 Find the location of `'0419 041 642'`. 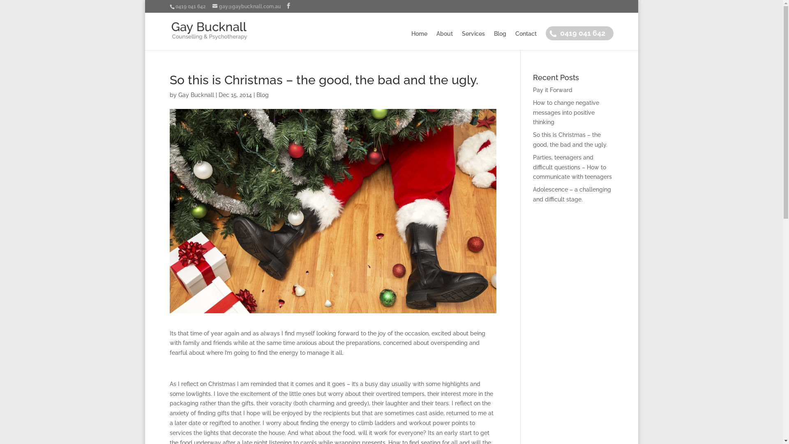

'0419 041 642' is located at coordinates (559, 40).